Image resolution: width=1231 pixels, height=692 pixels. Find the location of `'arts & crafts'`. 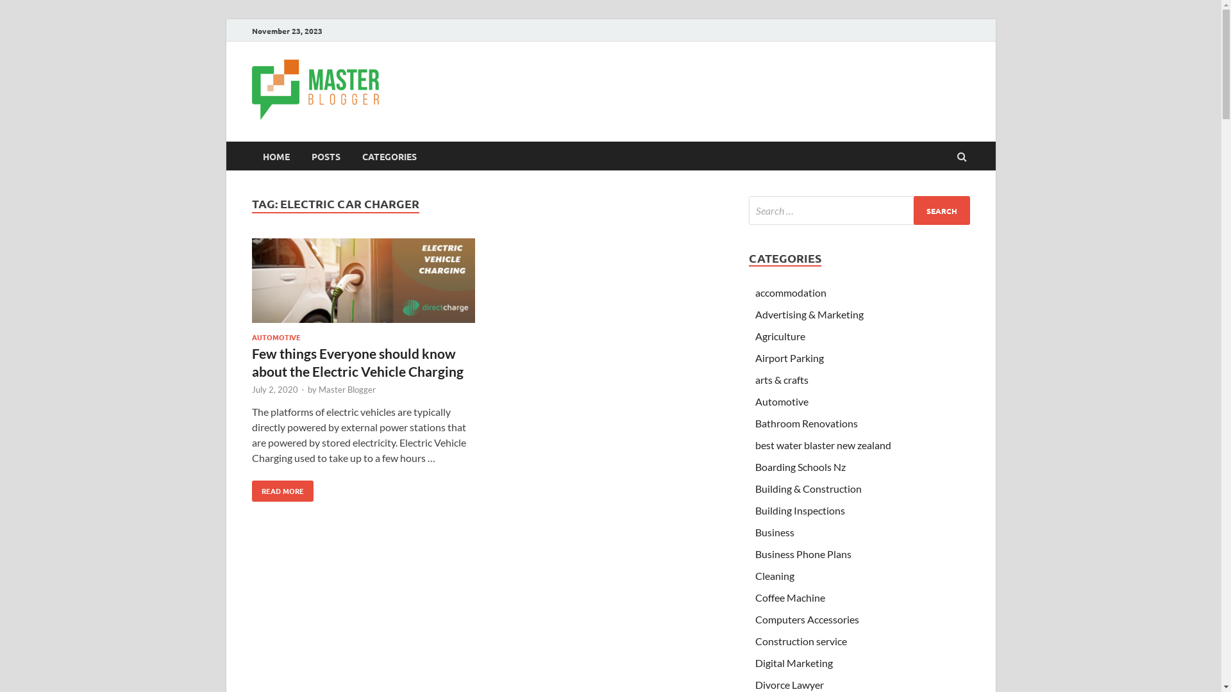

'arts & crafts' is located at coordinates (781, 379).